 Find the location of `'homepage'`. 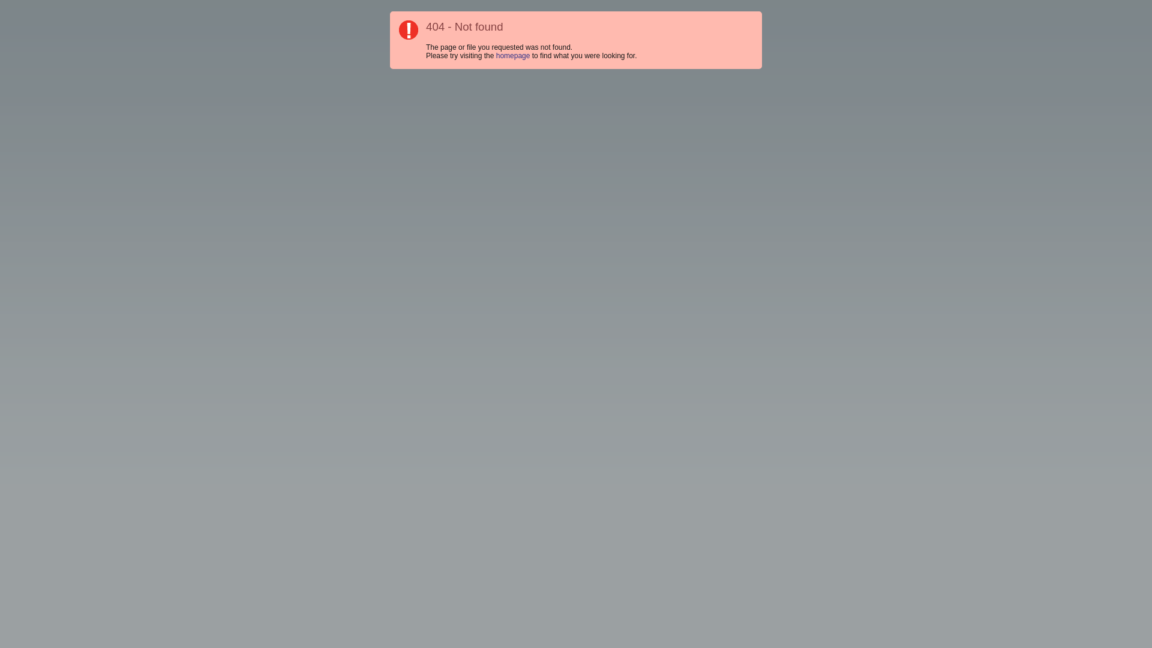

'homepage' is located at coordinates (513, 55).